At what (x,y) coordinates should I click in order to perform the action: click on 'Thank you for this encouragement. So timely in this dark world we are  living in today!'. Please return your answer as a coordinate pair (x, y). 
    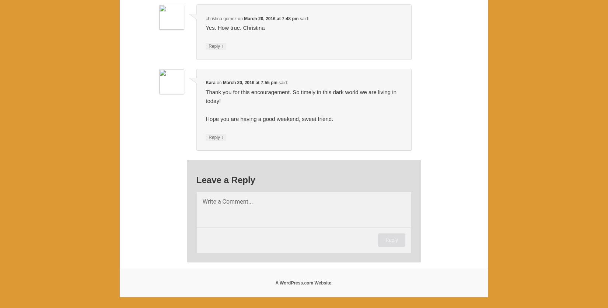
    Looking at the image, I should click on (300, 96).